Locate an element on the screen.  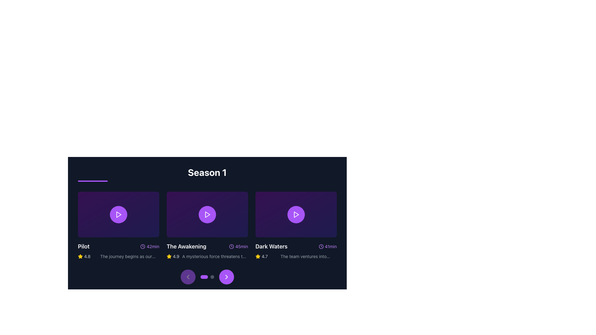
the status indicated by the purple and grey circular indicators located at the bottom center of the interface, between the larger circular buttons is located at coordinates (207, 277).